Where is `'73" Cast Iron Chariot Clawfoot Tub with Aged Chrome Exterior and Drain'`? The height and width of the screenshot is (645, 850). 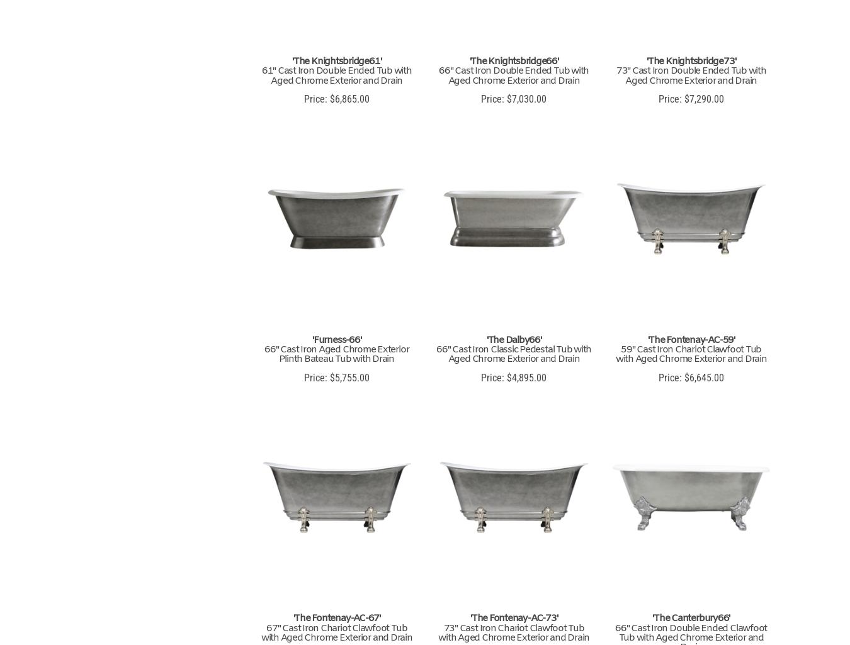
'73" Cast Iron Chariot Clawfoot Tub with Aged Chrome Exterior and Drain' is located at coordinates (513, 632).